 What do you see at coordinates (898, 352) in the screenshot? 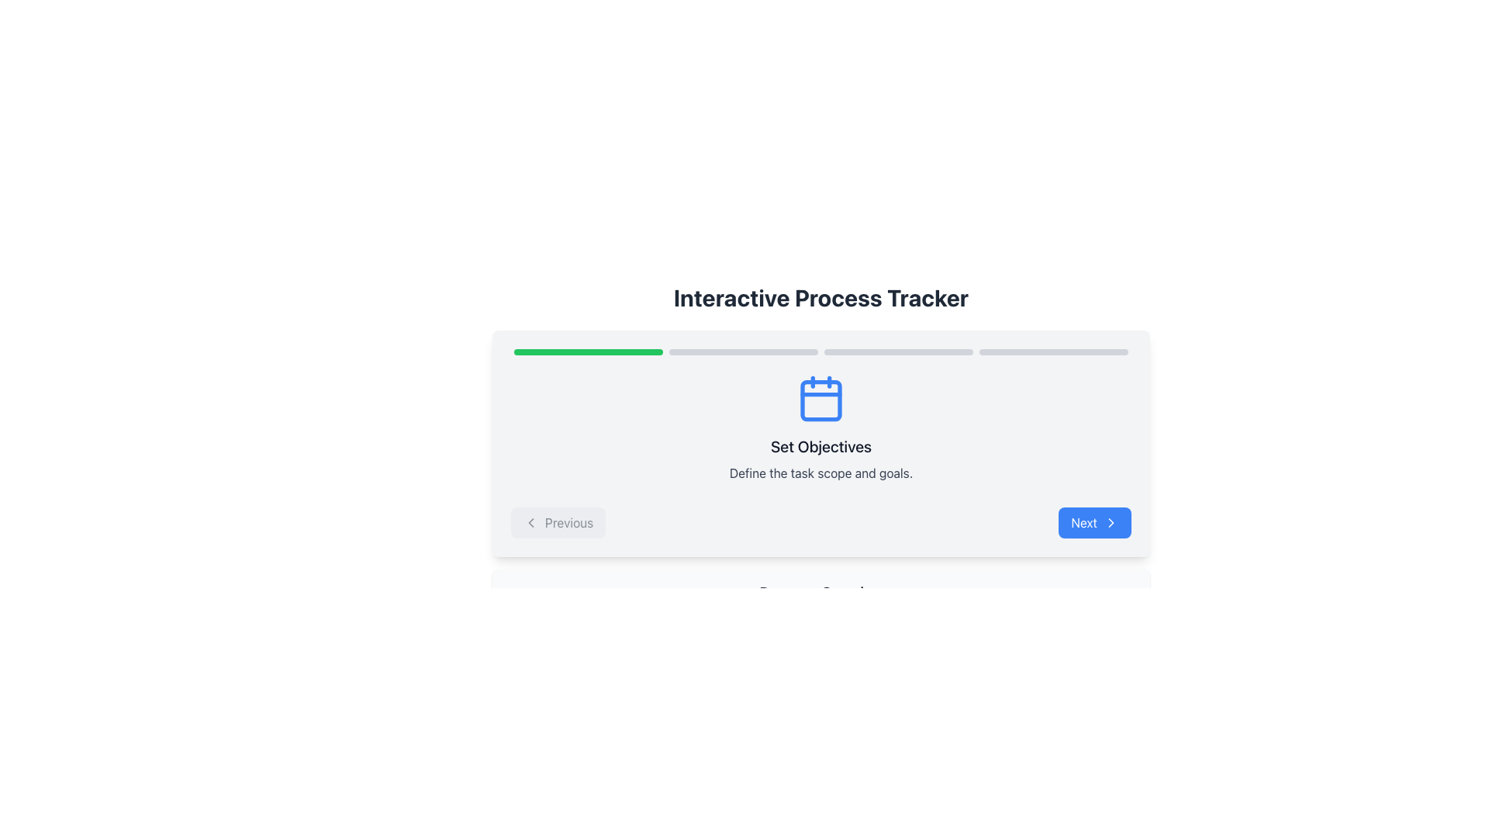
I see `the third segment of the Progress tracker, which visually indicates the current or completed progress in a multi-step process` at bounding box center [898, 352].